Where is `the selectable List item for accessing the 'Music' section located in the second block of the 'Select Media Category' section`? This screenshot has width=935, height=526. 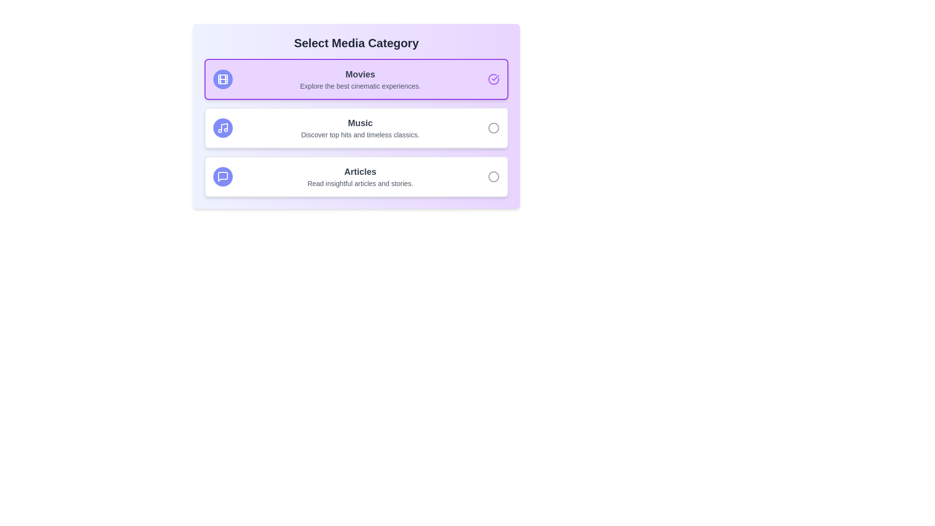 the selectable List item for accessing the 'Music' section located in the second block of the 'Select Media Category' section is located at coordinates (355, 127).